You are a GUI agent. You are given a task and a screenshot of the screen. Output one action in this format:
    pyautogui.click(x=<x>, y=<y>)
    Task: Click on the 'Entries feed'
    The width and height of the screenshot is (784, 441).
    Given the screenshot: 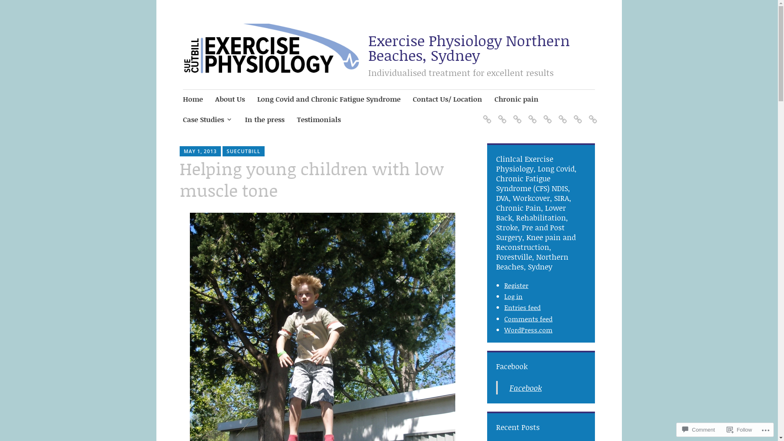 What is the action you would take?
    pyautogui.click(x=503, y=307)
    